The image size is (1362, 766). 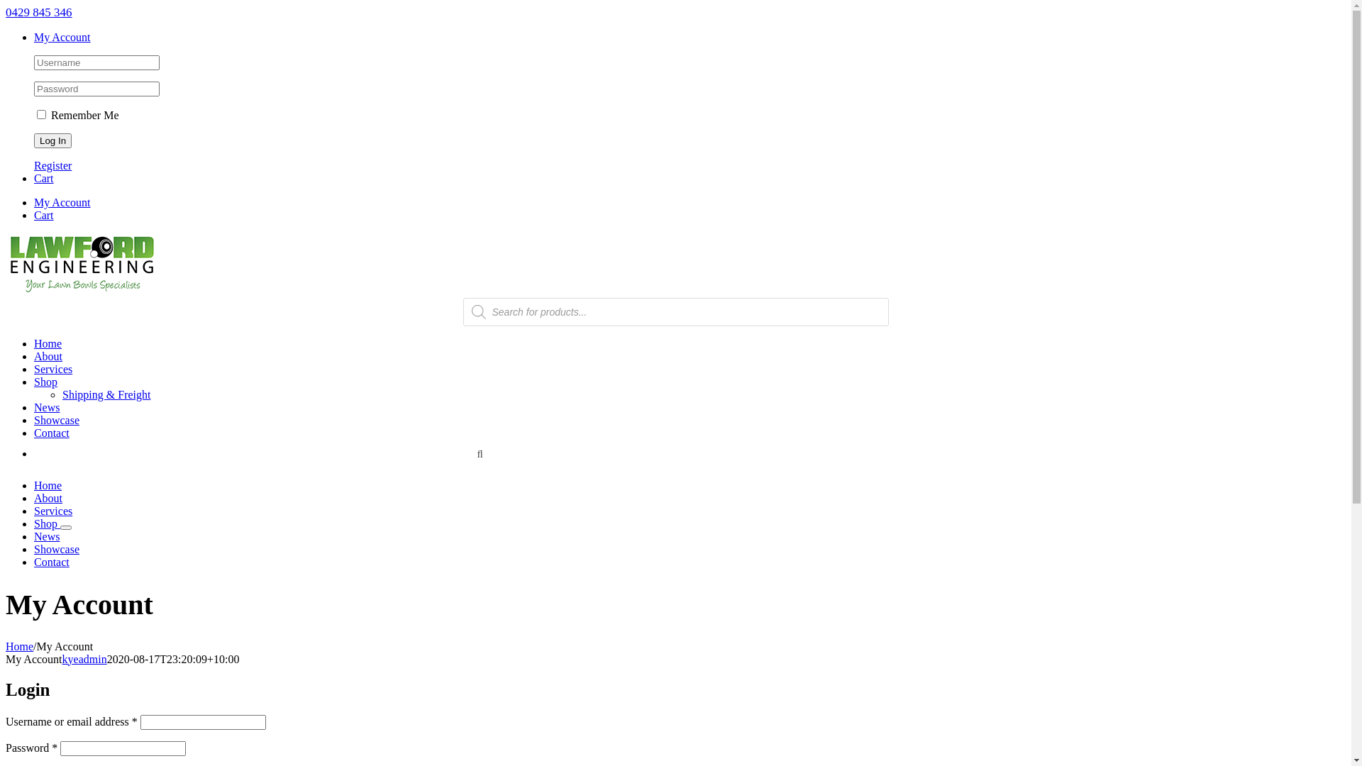 What do you see at coordinates (34, 368) in the screenshot?
I see `'Services'` at bounding box center [34, 368].